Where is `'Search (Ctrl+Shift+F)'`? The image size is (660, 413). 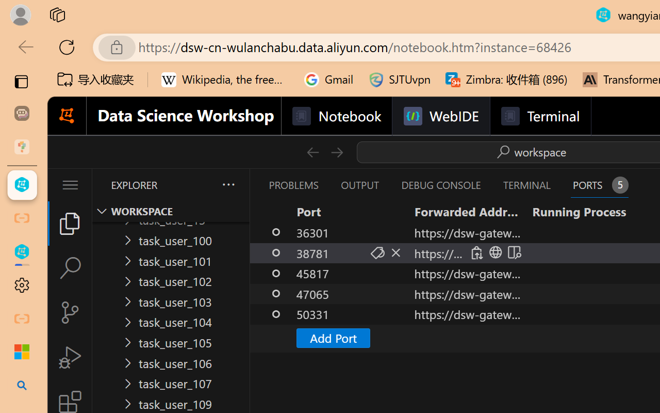 'Search (Ctrl+Shift+F)' is located at coordinates (69, 267).